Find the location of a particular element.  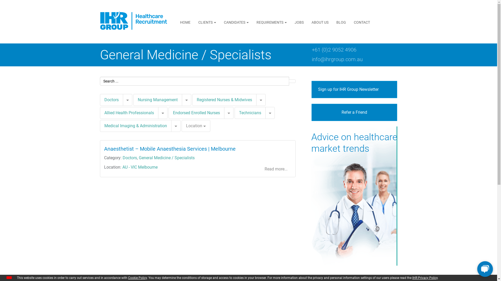

'Cookie Policy' is located at coordinates (138, 278).